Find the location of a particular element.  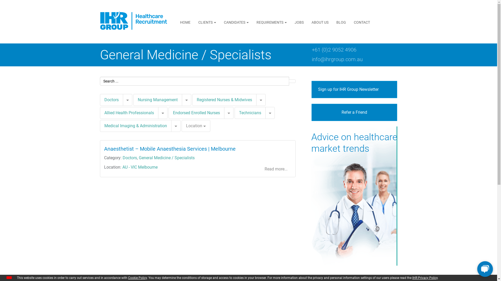

'Cookie Policy' is located at coordinates (138, 278).